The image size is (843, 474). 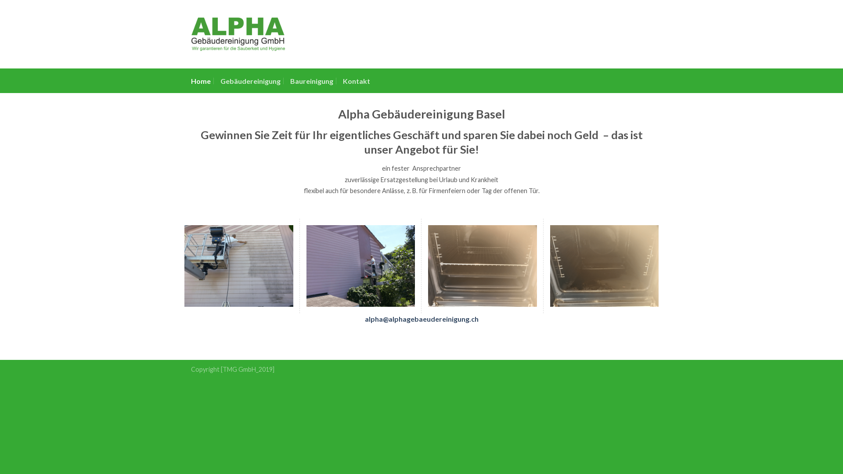 What do you see at coordinates (421, 319) in the screenshot?
I see `'alpha@alphagebaeudereinigung.ch'` at bounding box center [421, 319].